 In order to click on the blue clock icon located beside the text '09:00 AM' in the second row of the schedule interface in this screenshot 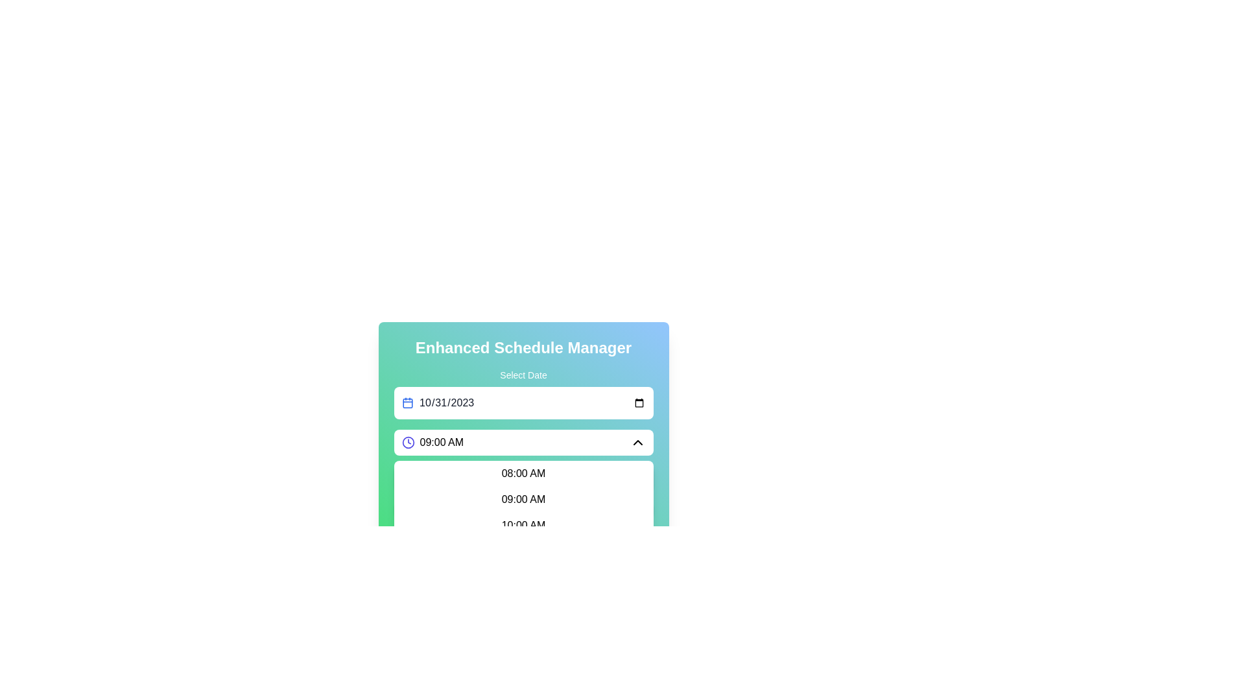, I will do `click(407, 441)`.